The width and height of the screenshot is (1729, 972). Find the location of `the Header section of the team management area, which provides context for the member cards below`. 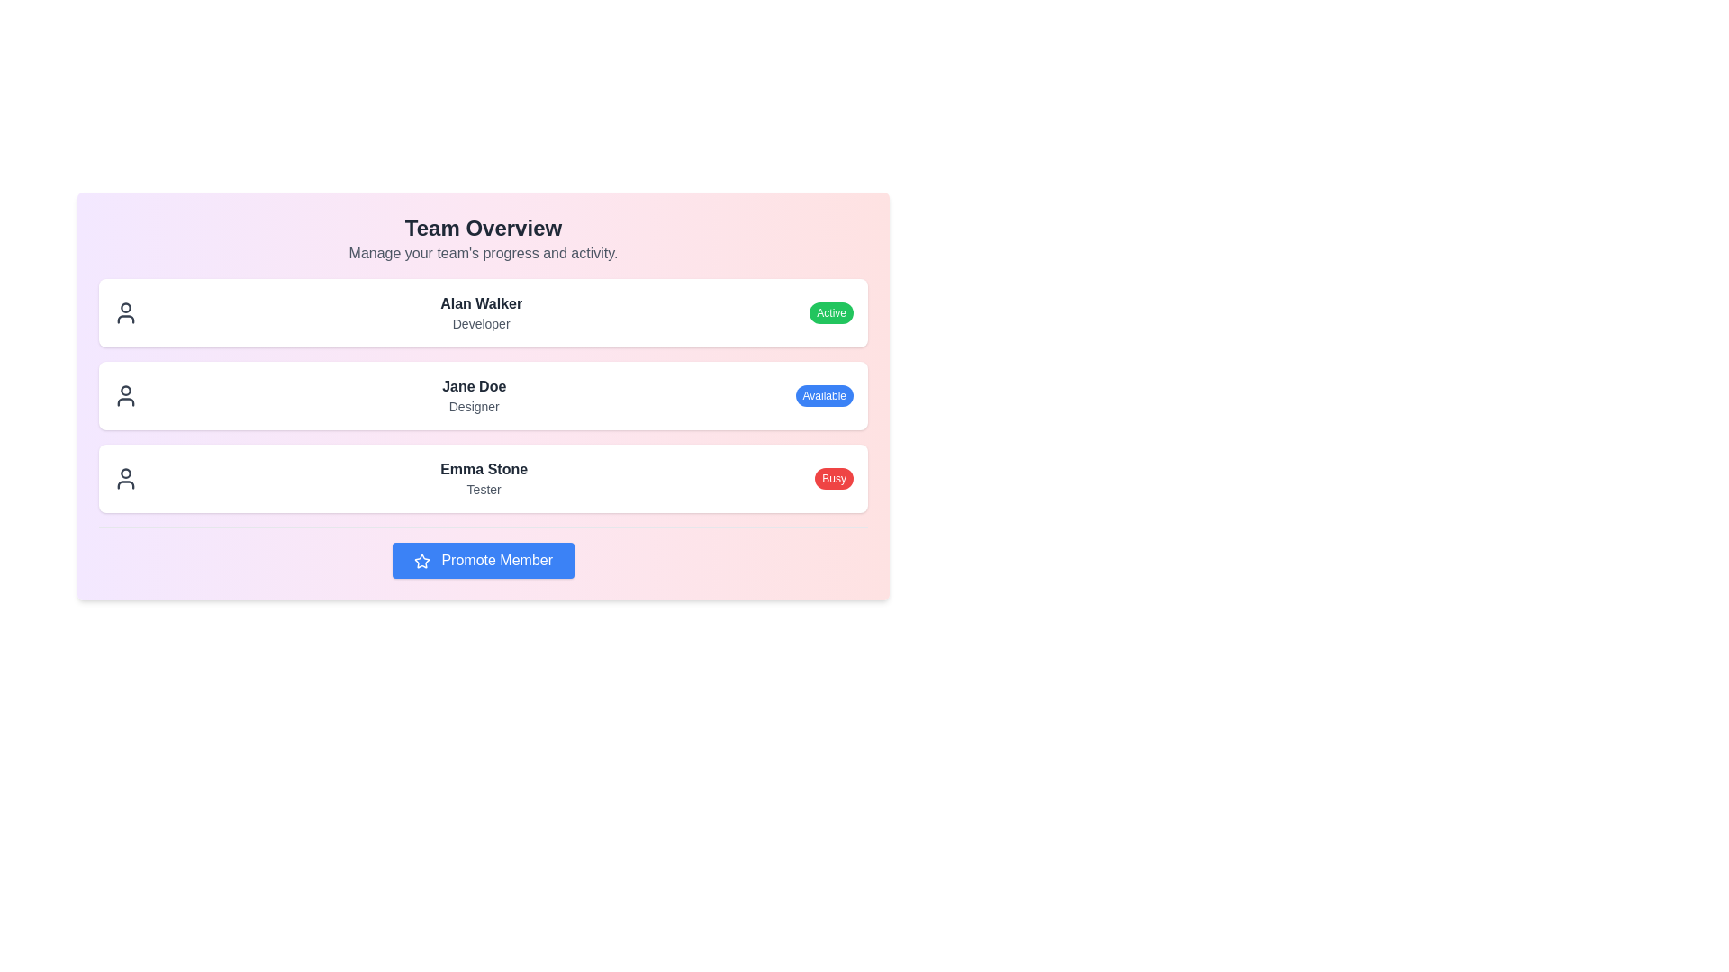

the Header section of the team management area, which provides context for the member cards below is located at coordinates (484, 238).